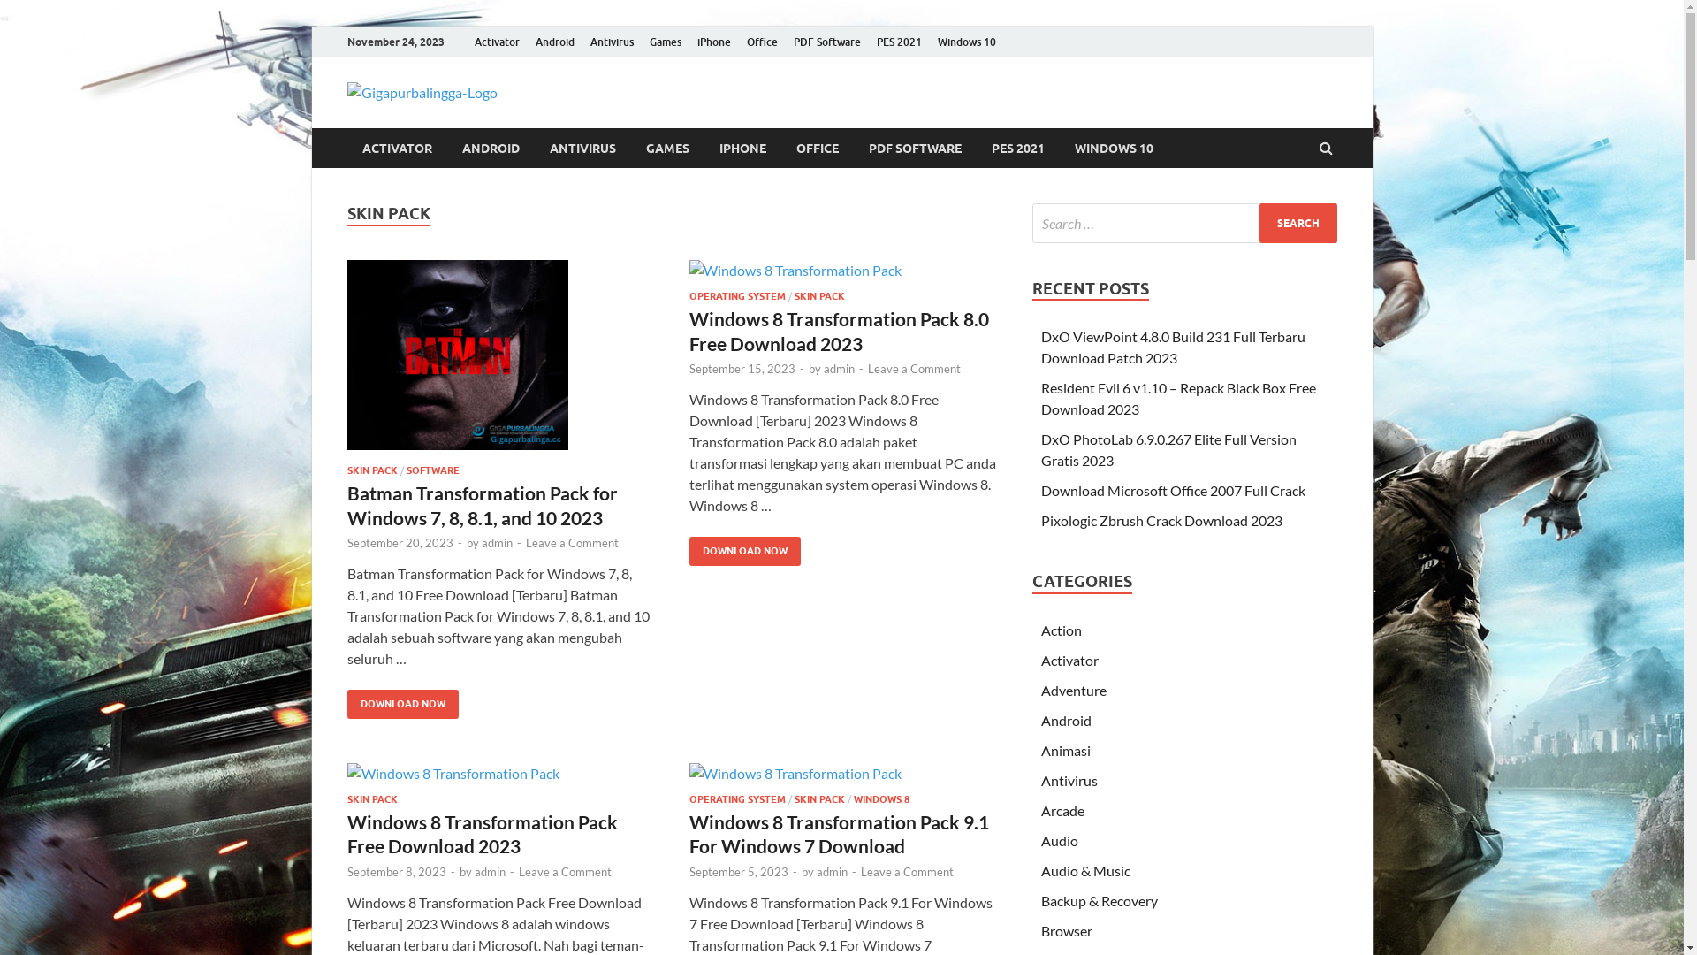 The image size is (1697, 955). Describe the element at coordinates (762, 41) in the screenshot. I see `'Office'` at that location.